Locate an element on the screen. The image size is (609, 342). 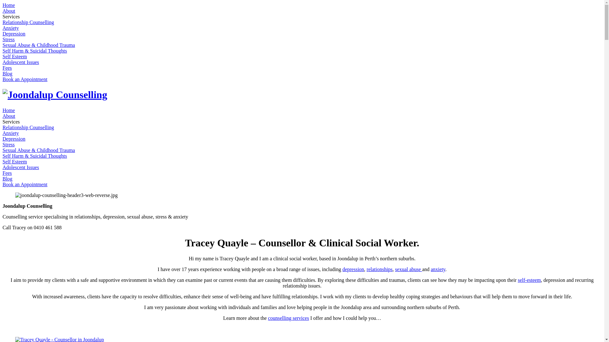
'Adolescent Issues' is located at coordinates (21, 62).